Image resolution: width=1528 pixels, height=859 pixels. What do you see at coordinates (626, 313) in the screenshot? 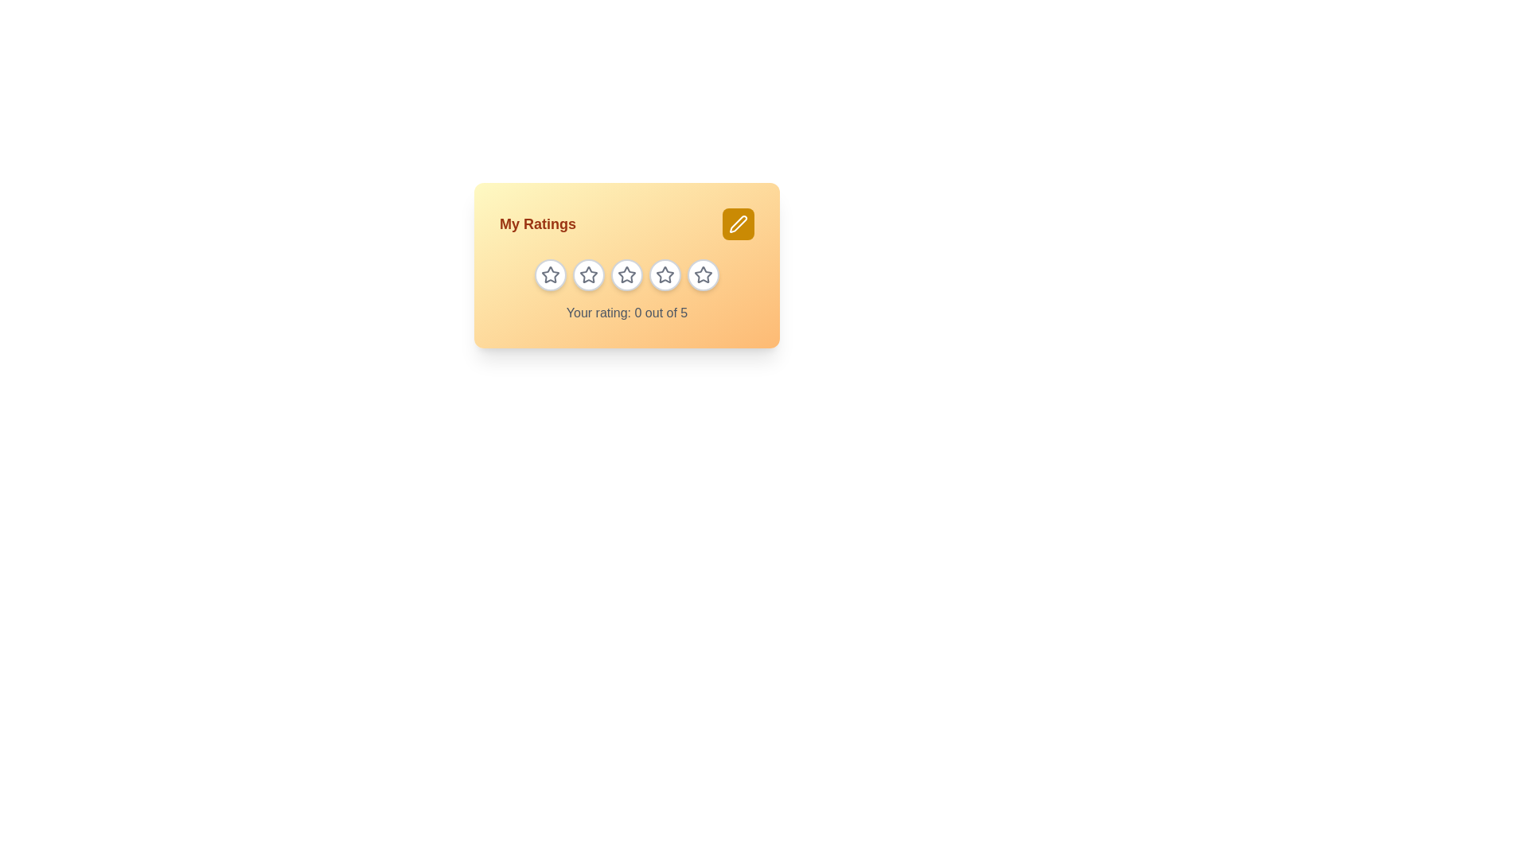
I see `the static text element displaying 'Your rating: 0 out of 5', which is styled with gray font color and centered alignment, located beneath the 5-star rating interface` at bounding box center [626, 313].